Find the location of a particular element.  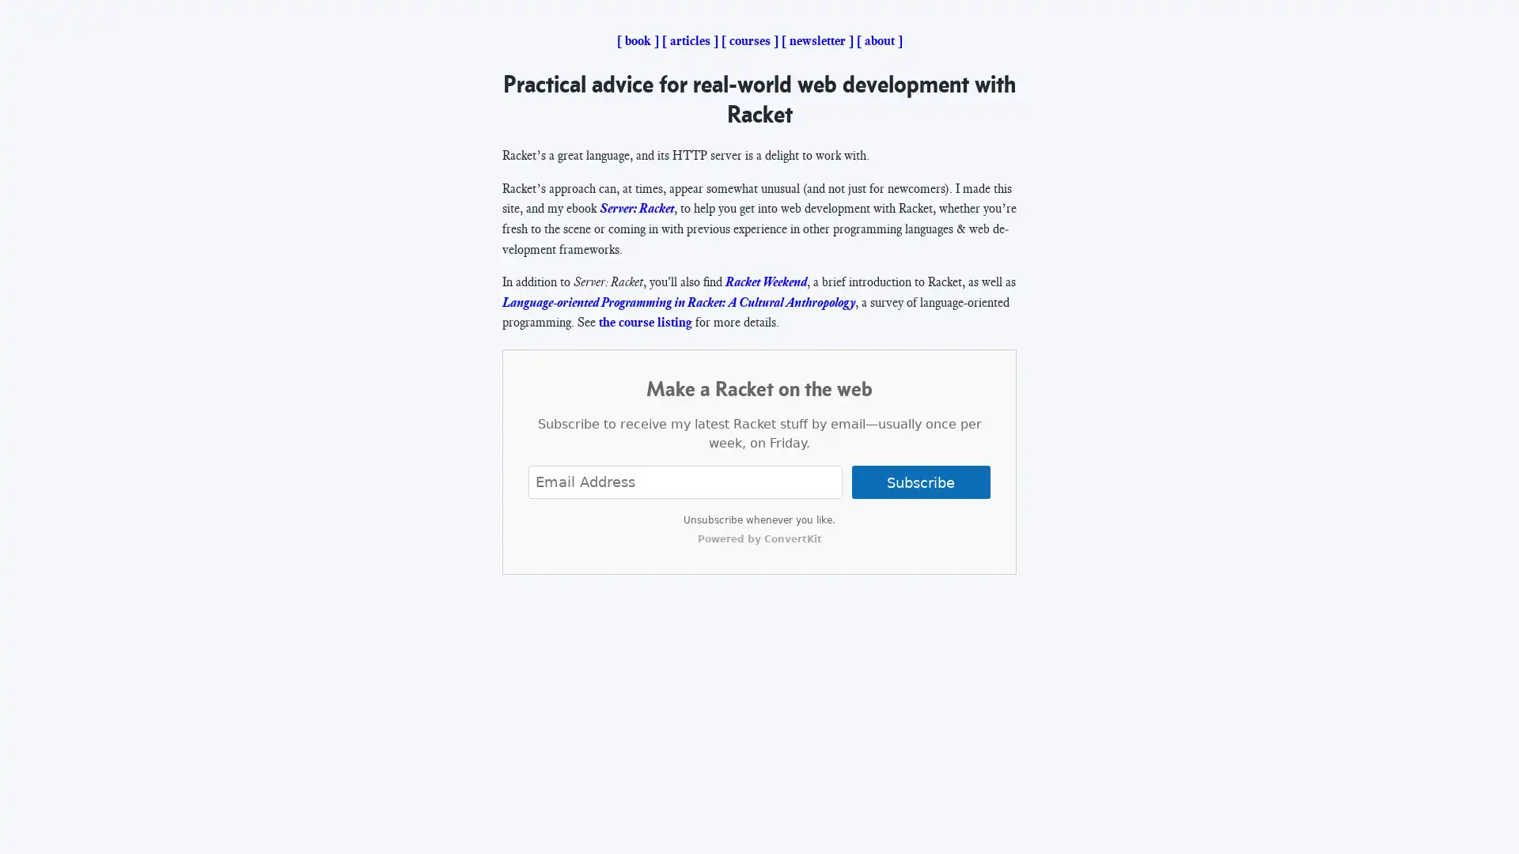

Subscribe is located at coordinates (920, 481).